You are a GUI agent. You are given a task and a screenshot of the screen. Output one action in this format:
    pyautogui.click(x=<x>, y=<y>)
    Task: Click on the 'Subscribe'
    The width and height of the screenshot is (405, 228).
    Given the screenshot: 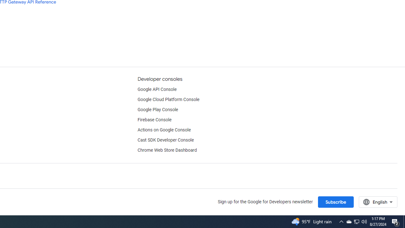 What is the action you would take?
    pyautogui.click(x=335, y=202)
    